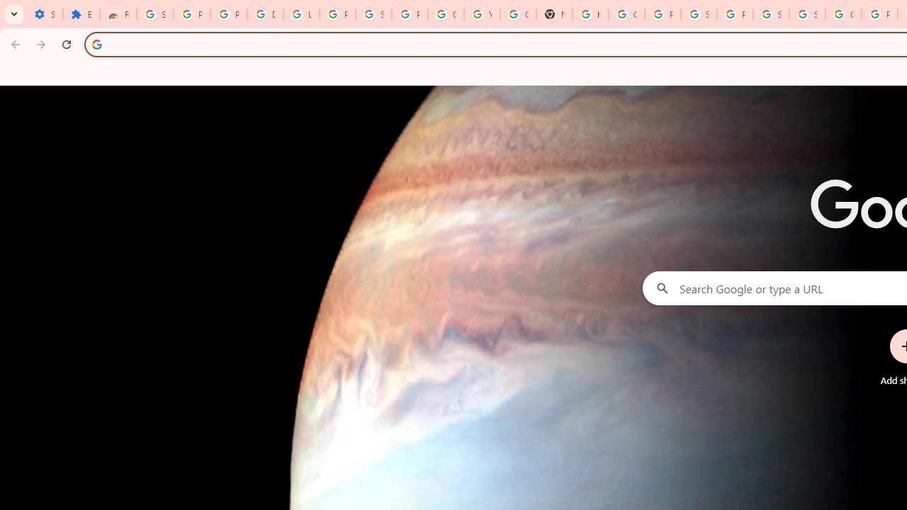 The width and height of the screenshot is (907, 510). I want to click on 'Reviews: Helix Fruit Jump Arcade Game', so click(118, 14).